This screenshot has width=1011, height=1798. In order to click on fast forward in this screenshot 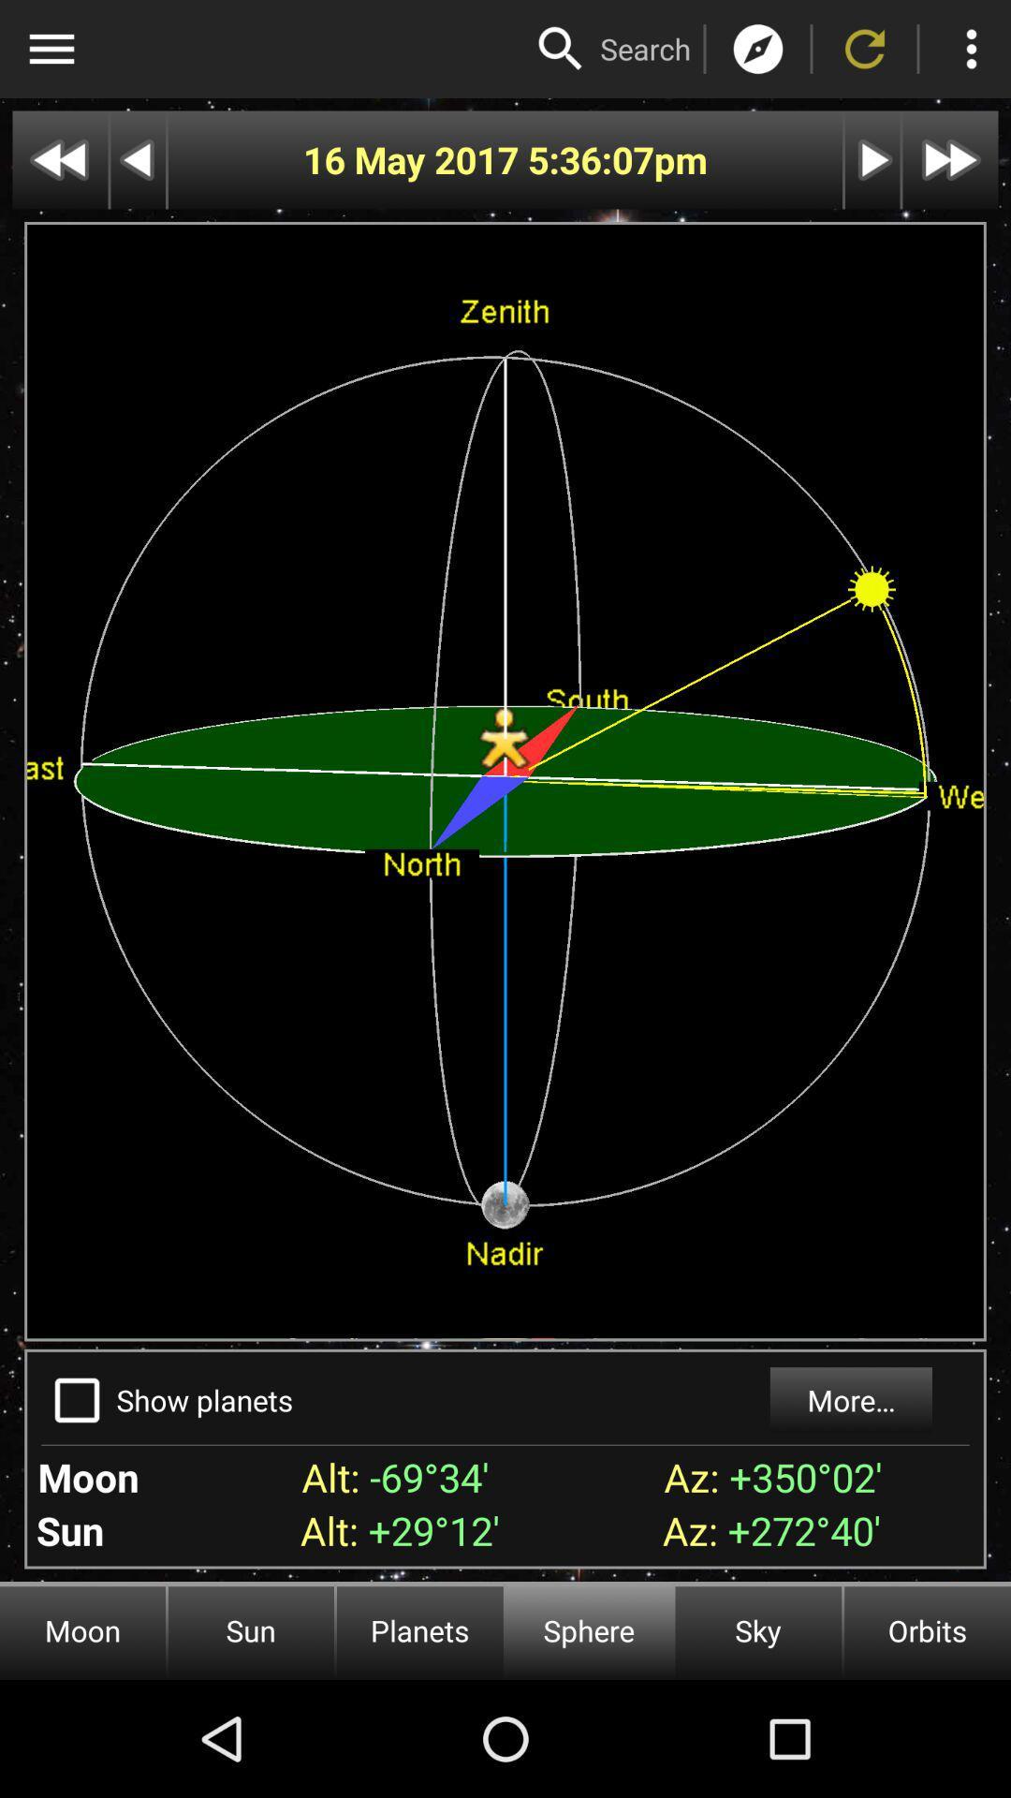, I will do `click(950, 160)`.